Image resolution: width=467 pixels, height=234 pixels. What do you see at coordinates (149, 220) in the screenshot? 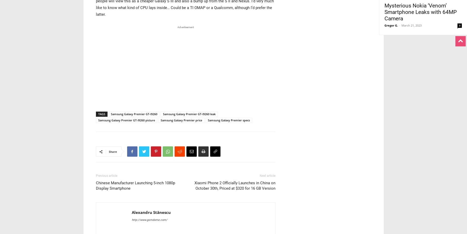
I see `'http://www.gsmdome.com/'` at bounding box center [149, 220].